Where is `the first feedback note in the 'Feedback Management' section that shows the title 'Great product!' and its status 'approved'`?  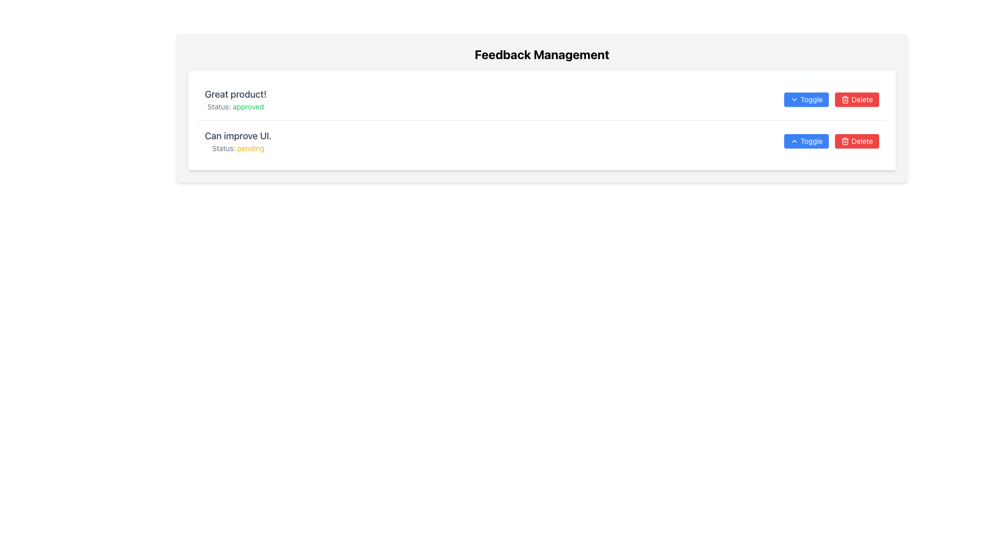 the first feedback note in the 'Feedback Management' section that shows the title 'Great product!' and its status 'approved' is located at coordinates (235, 99).